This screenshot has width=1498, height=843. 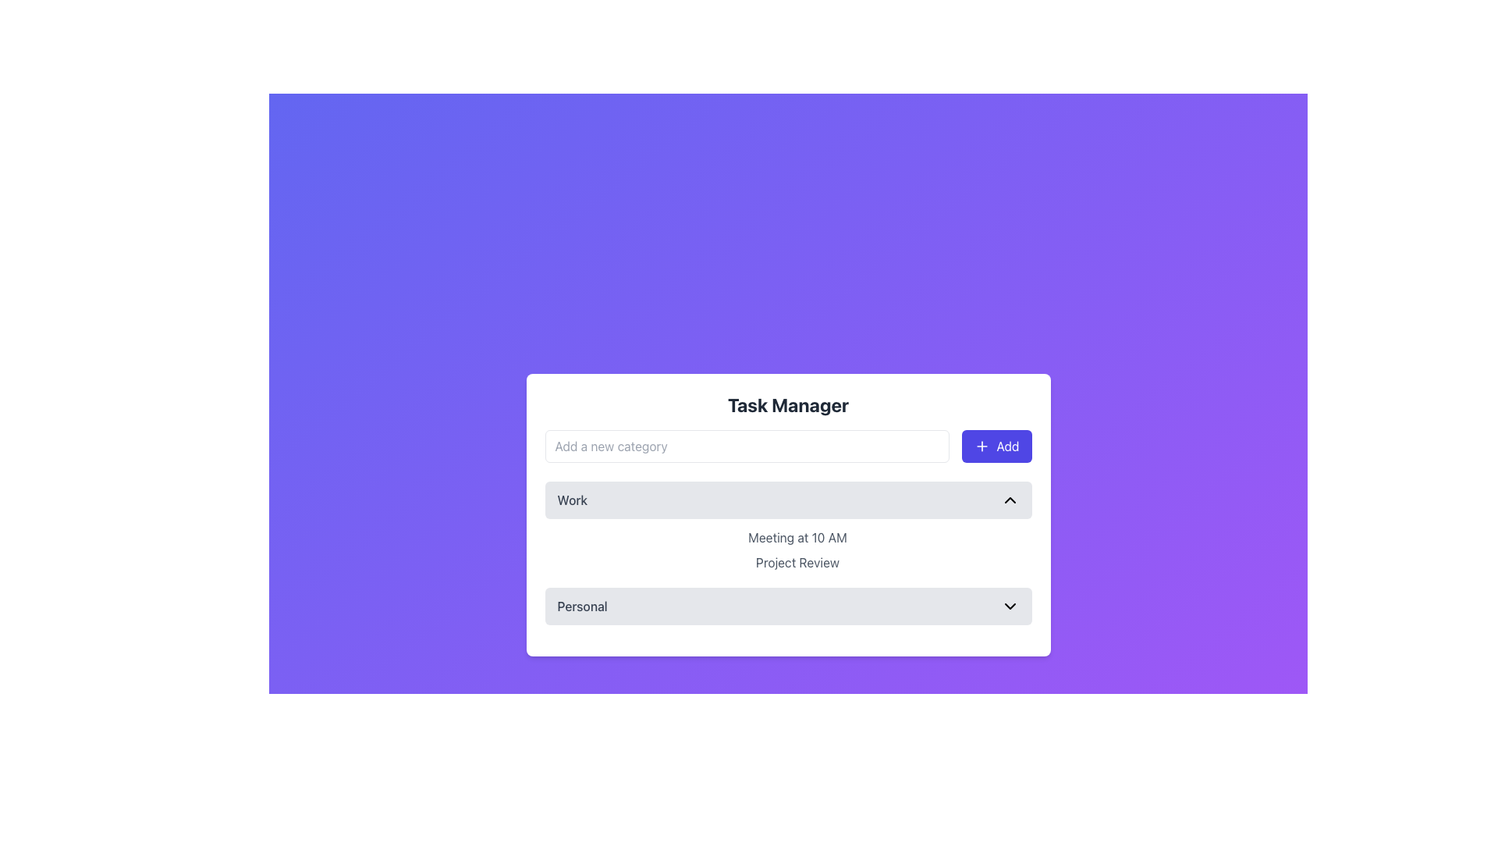 I want to click on the Chevron icon located at the rightmost end of the 'Personal' section, so click(x=1010, y=605).